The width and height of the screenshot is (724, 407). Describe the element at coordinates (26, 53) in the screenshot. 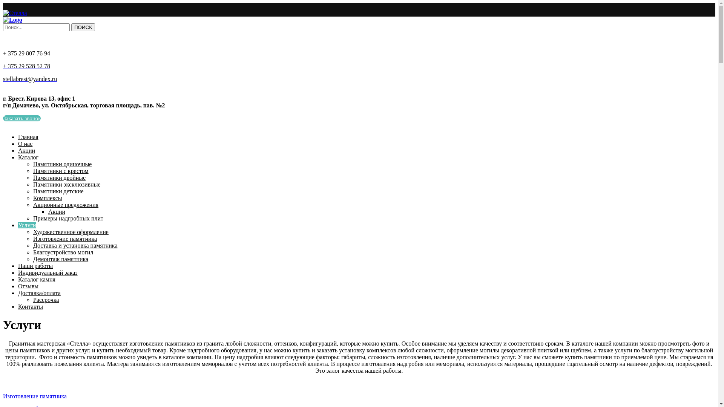

I see `'+ 375 29 807 76 94'` at that location.